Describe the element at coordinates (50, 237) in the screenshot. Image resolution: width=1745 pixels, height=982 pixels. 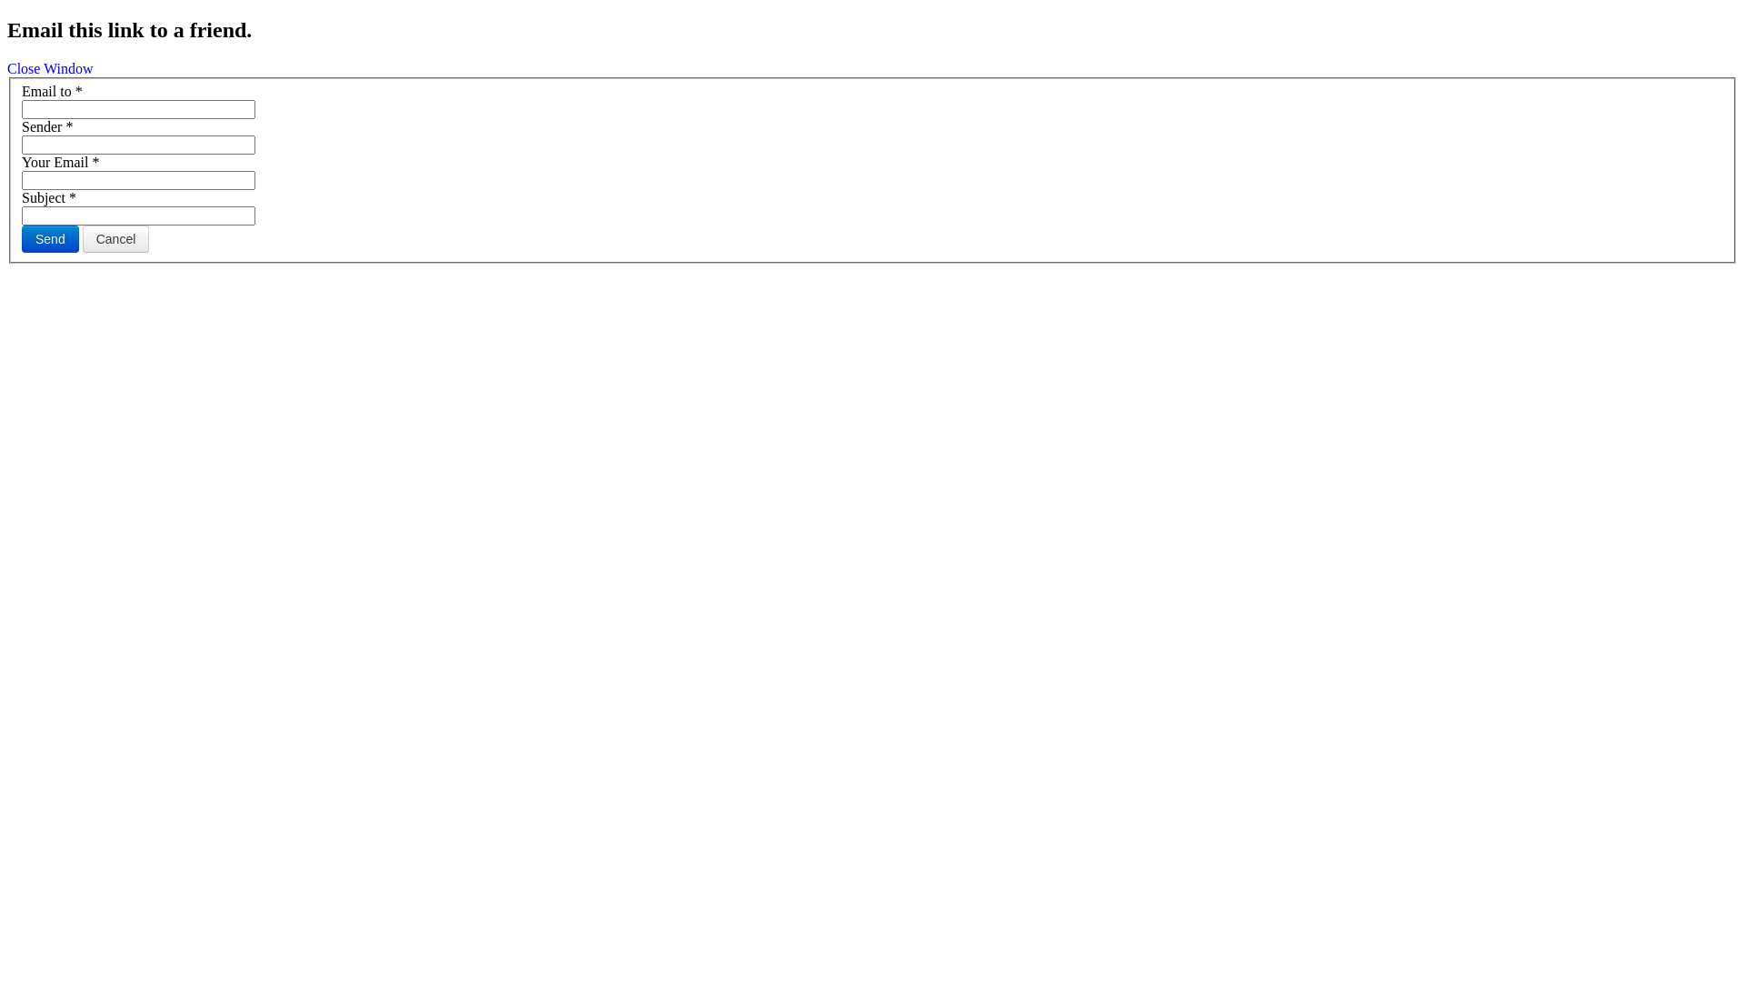
I see `'Send'` at that location.